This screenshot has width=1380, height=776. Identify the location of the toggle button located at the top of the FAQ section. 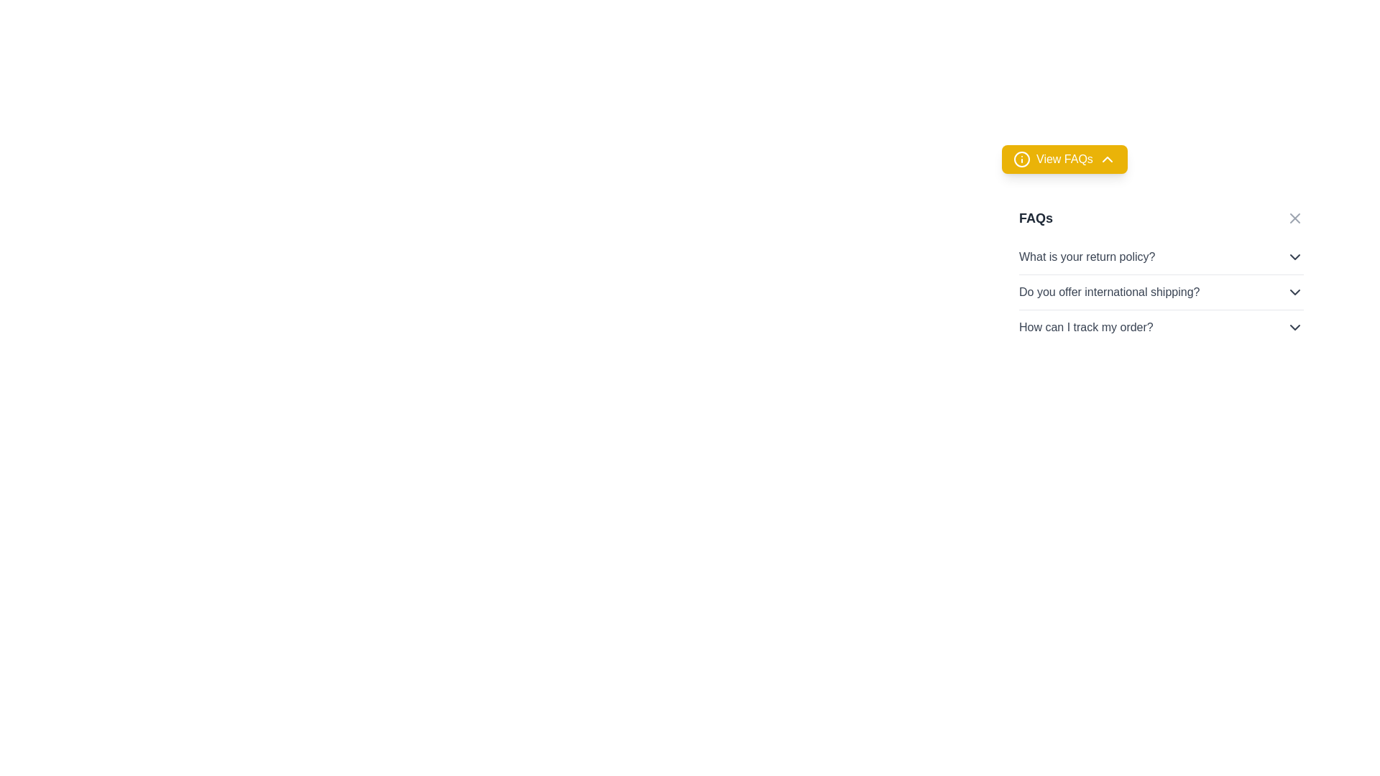
(1064, 160).